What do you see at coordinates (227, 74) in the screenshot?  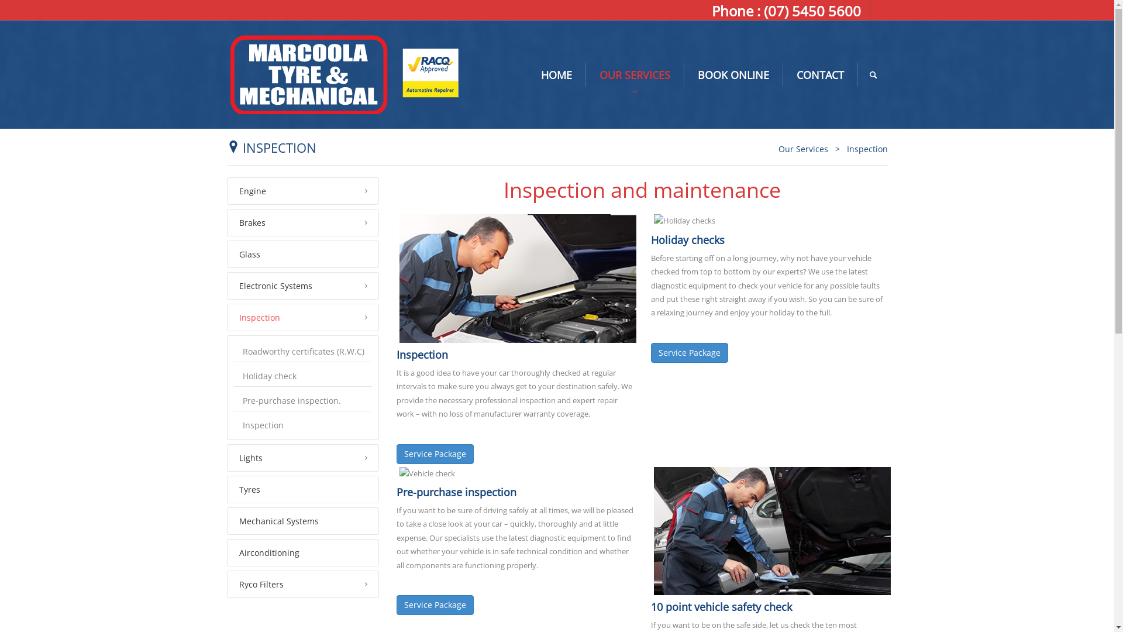 I see `'Marcoola Tyre and Mechanical Repairs'` at bounding box center [227, 74].